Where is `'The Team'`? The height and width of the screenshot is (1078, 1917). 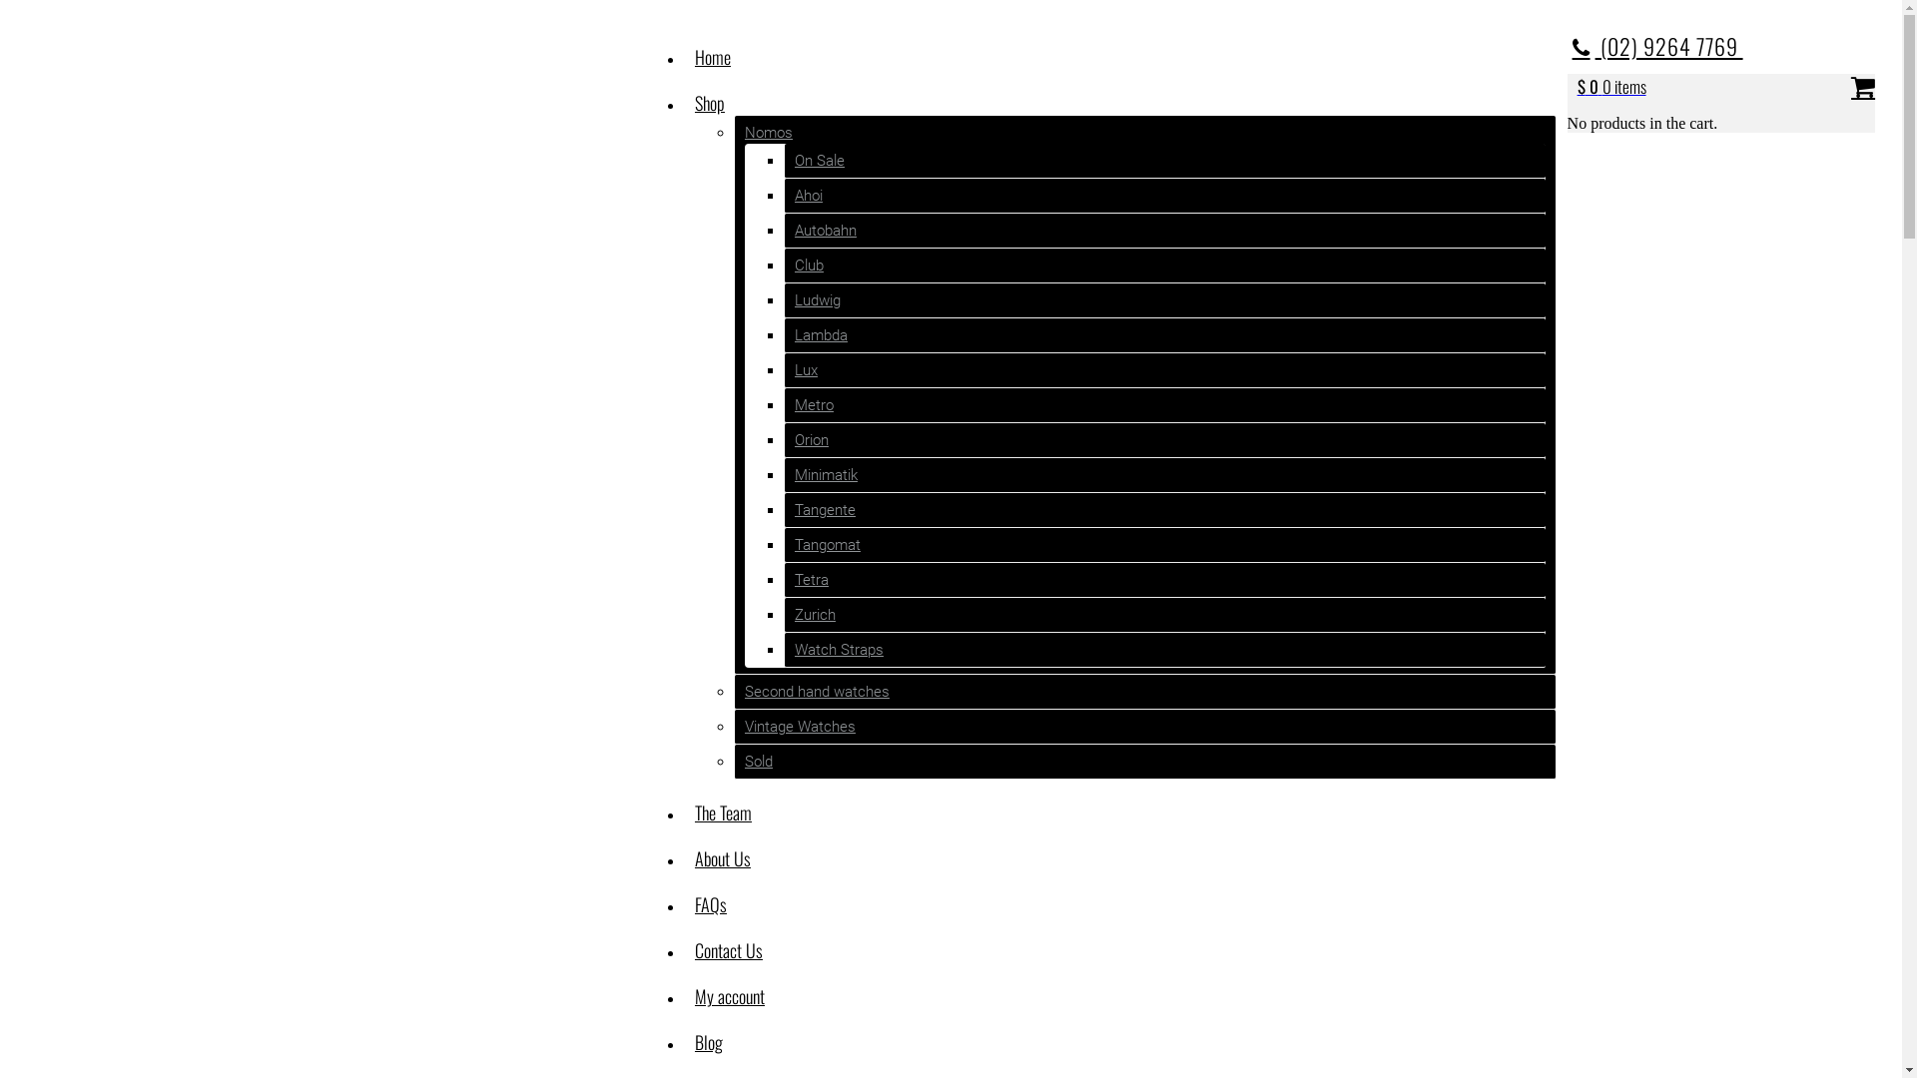
'The Team' is located at coordinates (722, 811).